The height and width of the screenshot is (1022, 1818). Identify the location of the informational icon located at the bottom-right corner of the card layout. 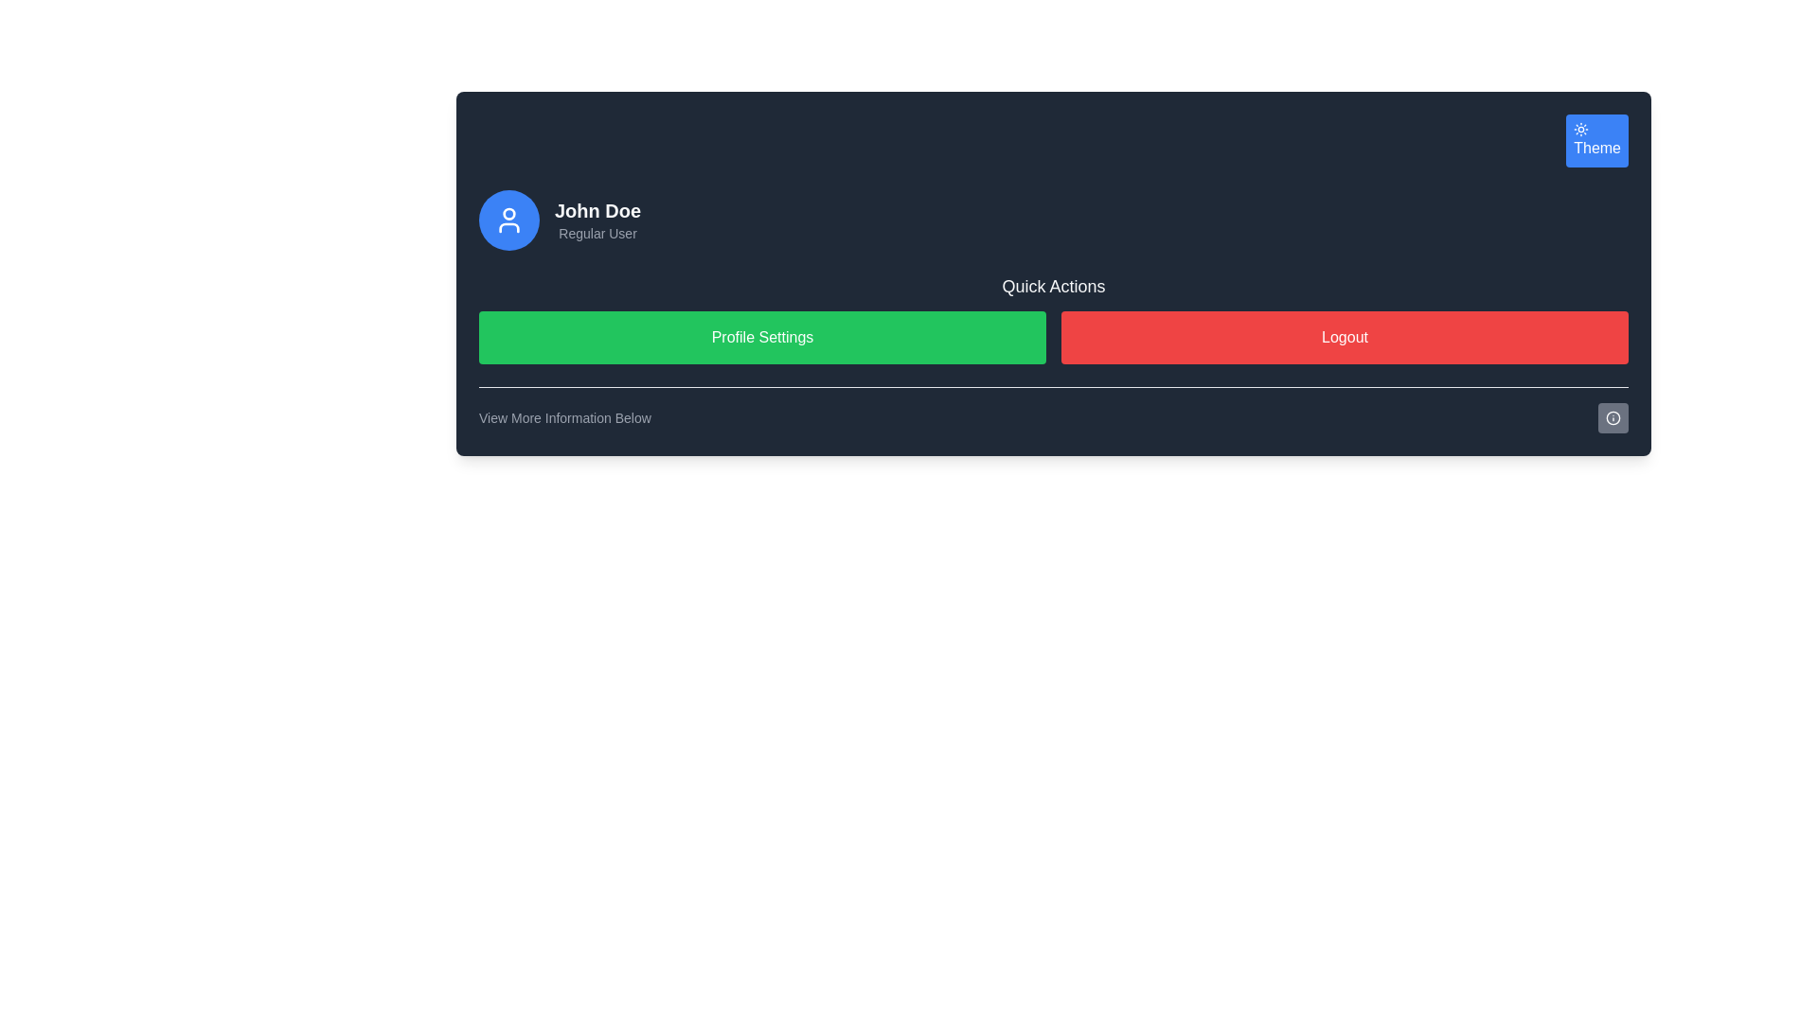
(1613, 417).